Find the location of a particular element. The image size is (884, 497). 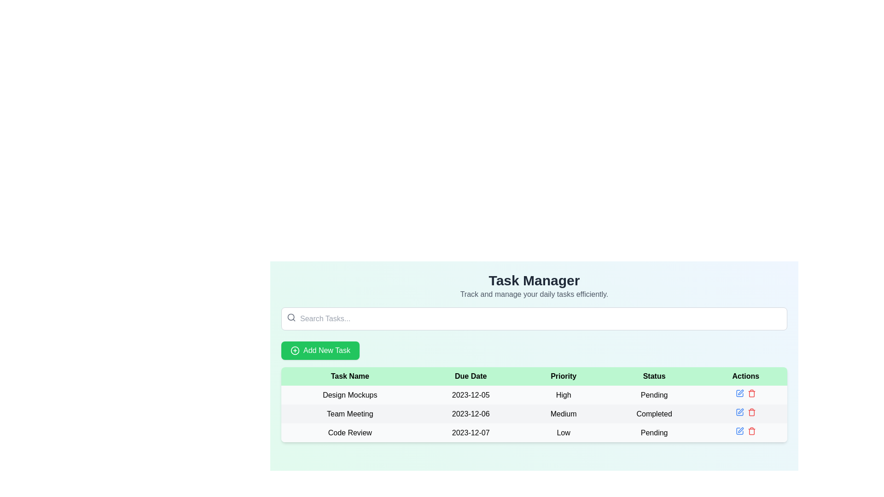

the first row in the Task Manager table is located at coordinates (534, 394).